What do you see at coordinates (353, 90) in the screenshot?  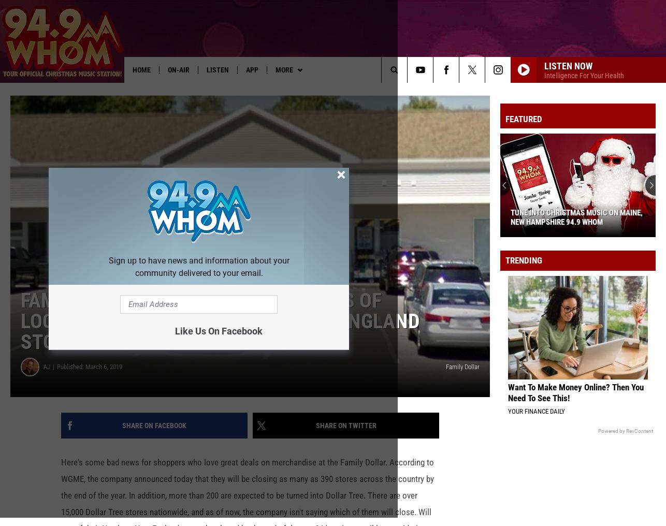 I see `'$100 Big Apple GC Contest'` at bounding box center [353, 90].